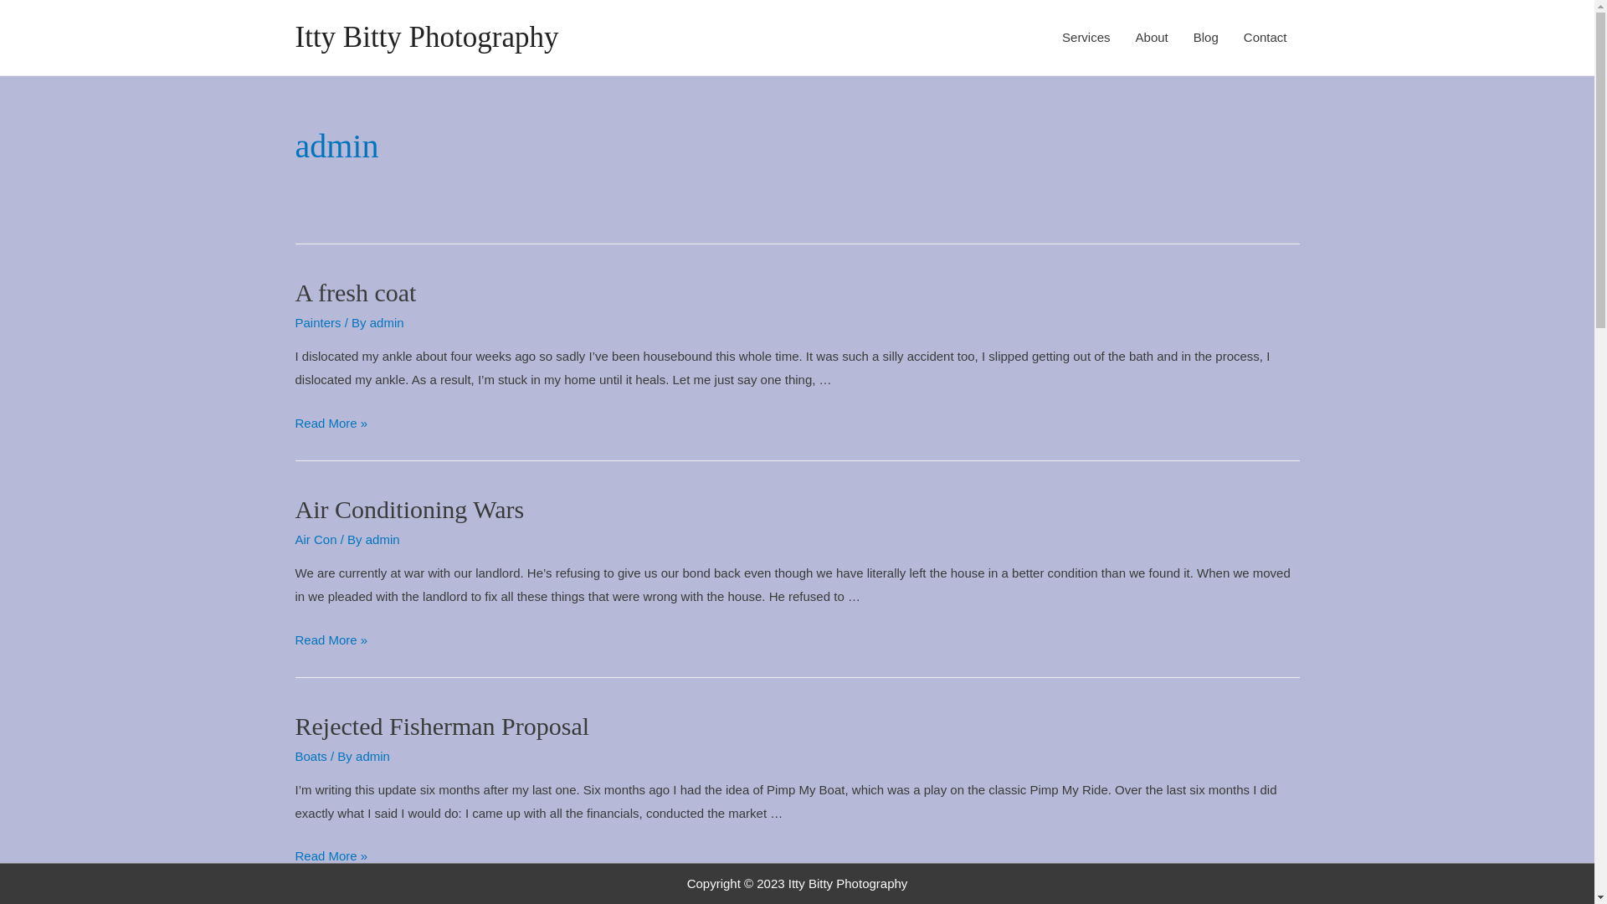 The image size is (1607, 904). What do you see at coordinates (426, 37) in the screenshot?
I see `'Itty Bitty Photography'` at bounding box center [426, 37].